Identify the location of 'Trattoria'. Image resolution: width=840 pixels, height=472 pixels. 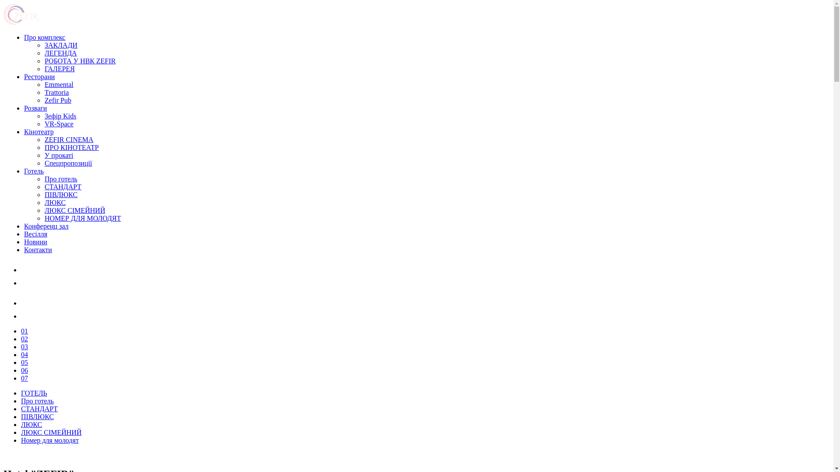
(56, 92).